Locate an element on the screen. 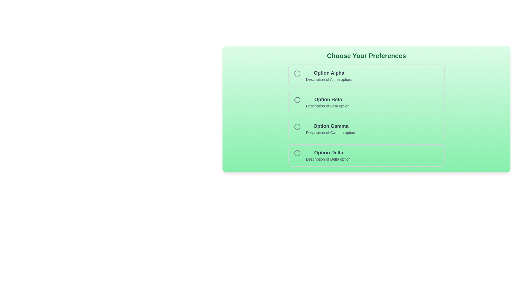  the text element that reads 'Description of Beta option', which is styled in a smaller font size and appears in a subdued gray color, located below the primary heading 'Option Beta' is located at coordinates (328, 106).